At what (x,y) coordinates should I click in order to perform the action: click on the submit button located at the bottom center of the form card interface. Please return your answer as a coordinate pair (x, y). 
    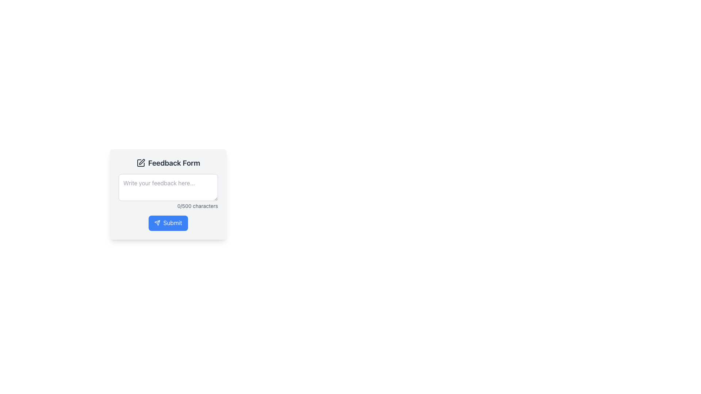
    Looking at the image, I should click on (168, 222).